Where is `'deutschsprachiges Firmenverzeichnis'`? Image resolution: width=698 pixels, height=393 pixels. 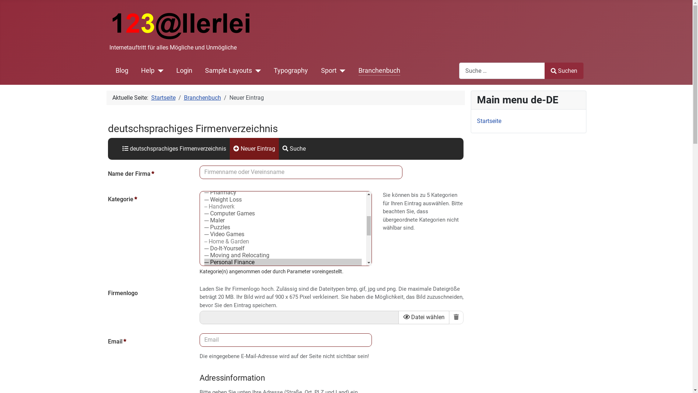
'deutschsprachiges Firmenverzeichnis' is located at coordinates (173, 148).